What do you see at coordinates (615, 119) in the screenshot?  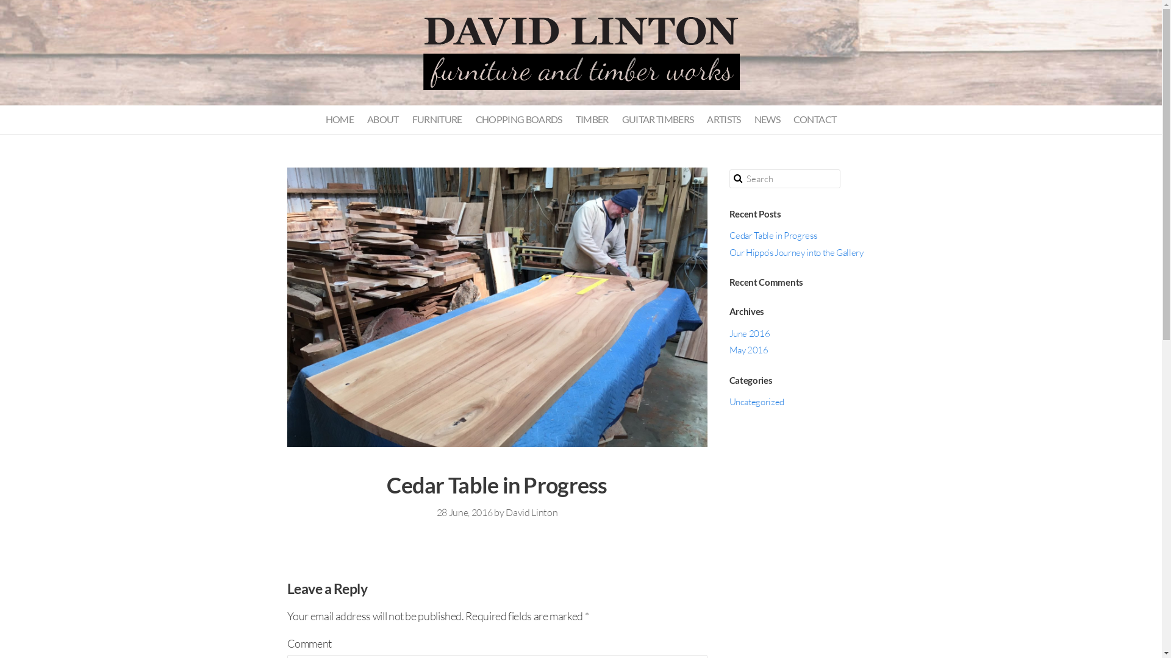 I see `'GUITAR TIMBERS'` at bounding box center [615, 119].